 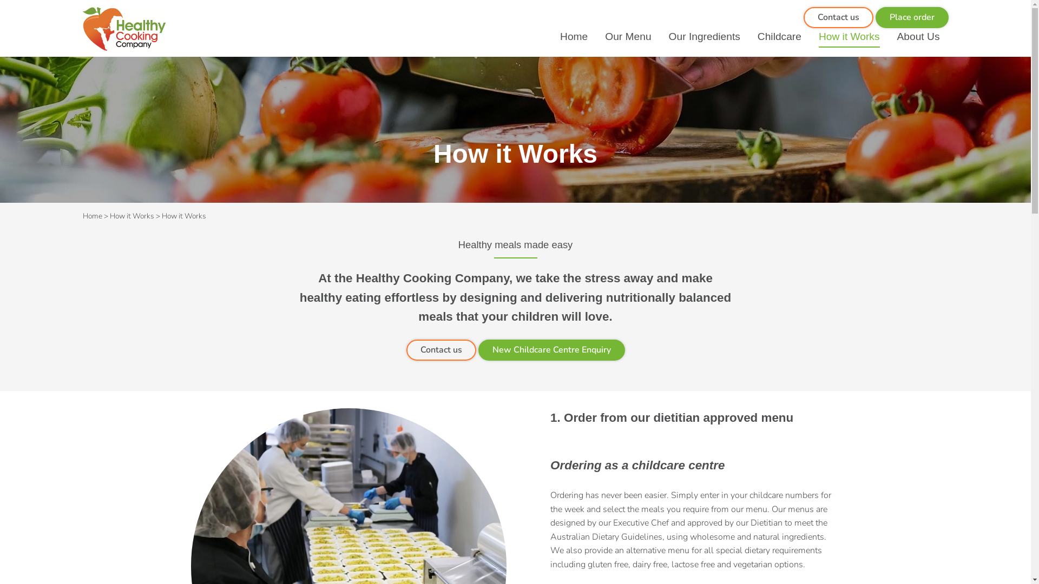 What do you see at coordinates (911, 17) in the screenshot?
I see `'Place order'` at bounding box center [911, 17].